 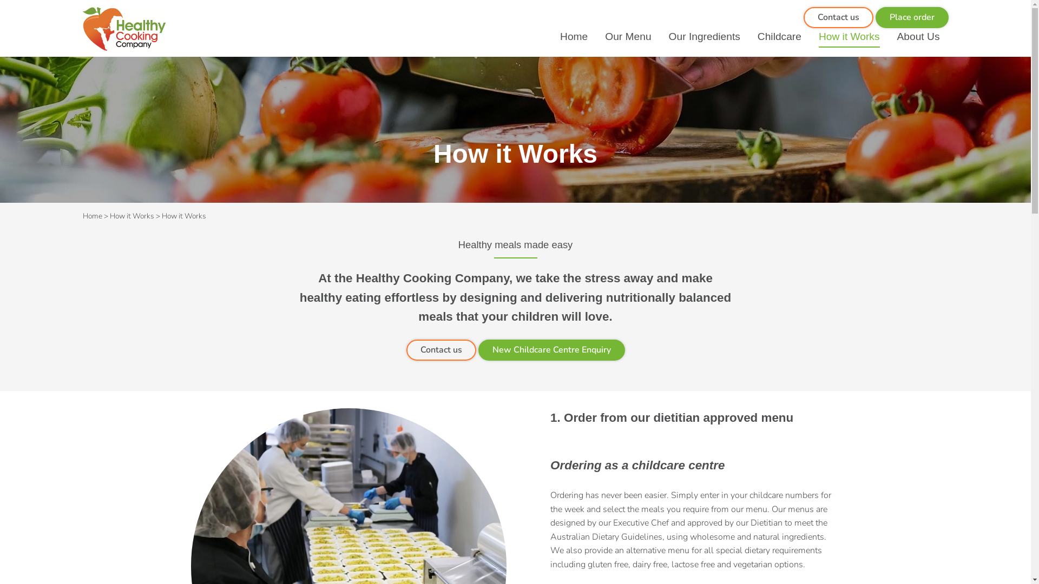 What do you see at coordinates (911, 17) in the screenshot?
I see `'Place order'` at bounding box center [911, 17].